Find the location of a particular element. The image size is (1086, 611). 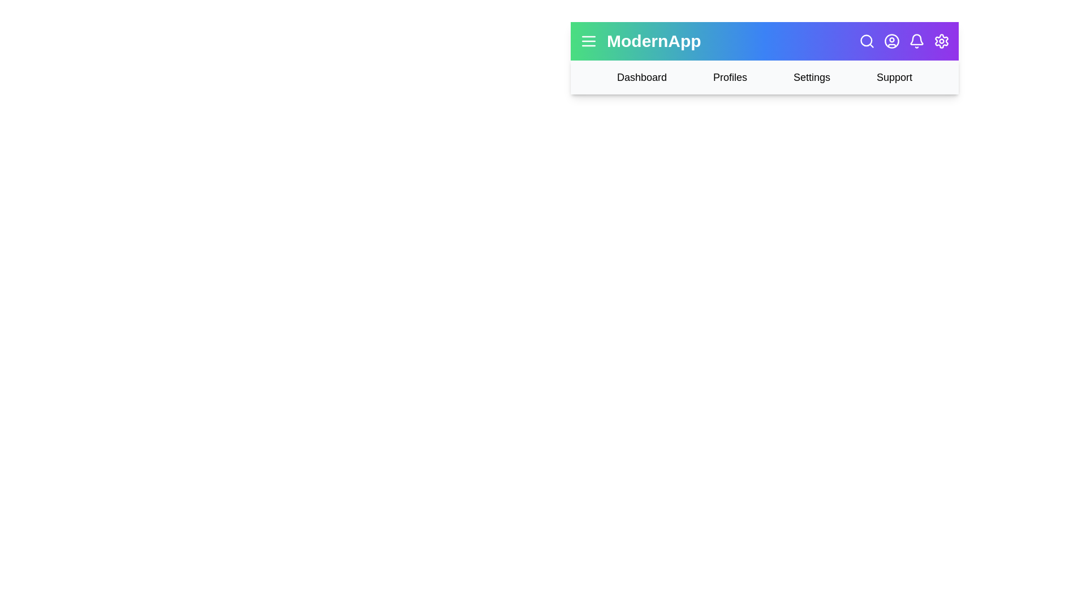

the 'Profiles' navigation link is located at coordinates (730, 77).